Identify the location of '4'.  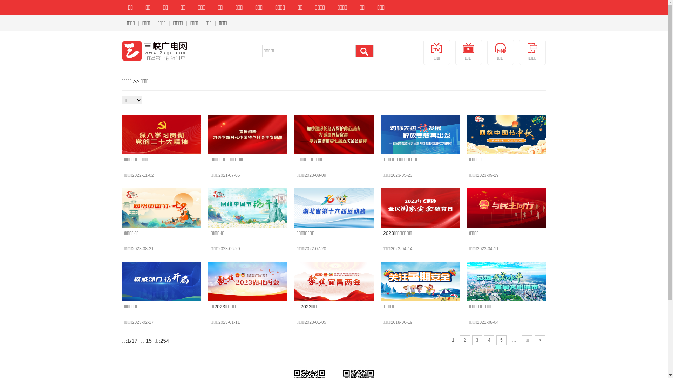
(484, 340).